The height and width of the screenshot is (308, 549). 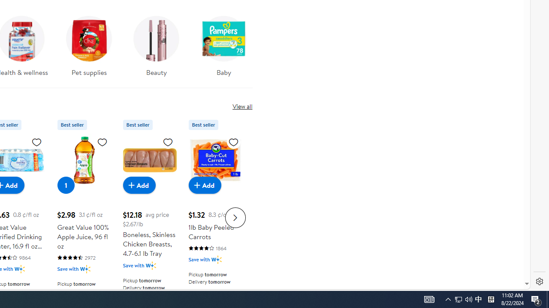 What do you see at coordinates (235, 217) in the screenshot?
I see `'Next slide for Product Carousel list'` at bounding box center [235, 217].